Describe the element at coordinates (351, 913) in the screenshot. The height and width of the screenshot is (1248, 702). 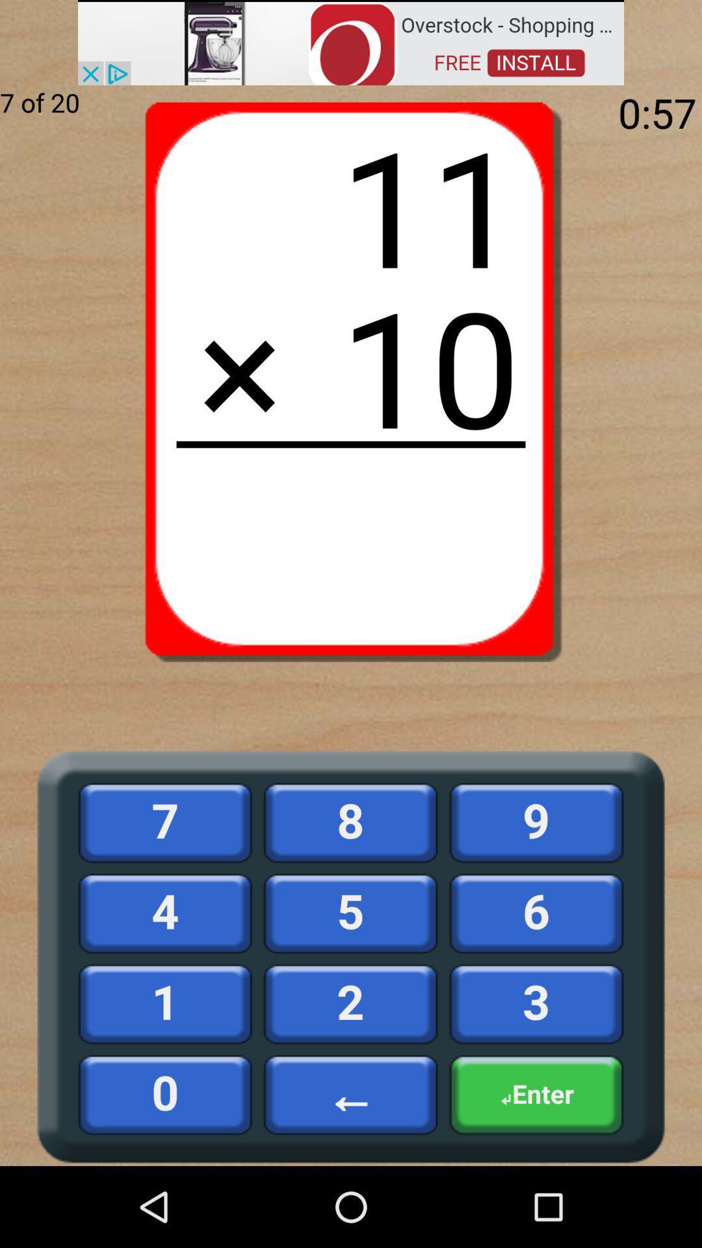
I see `the number below 8` at that location.